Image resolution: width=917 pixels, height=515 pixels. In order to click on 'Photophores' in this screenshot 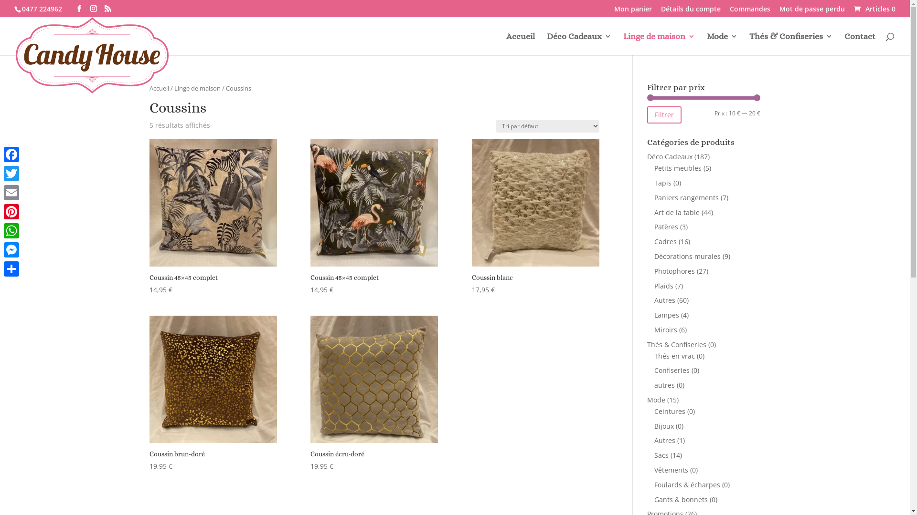, I will do `click(653, 271)`.